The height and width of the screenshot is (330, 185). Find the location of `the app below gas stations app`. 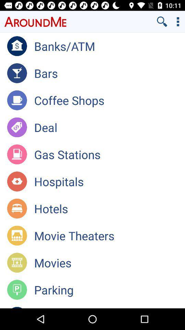

the app below gas stations app is located at coordinates (109, 181).